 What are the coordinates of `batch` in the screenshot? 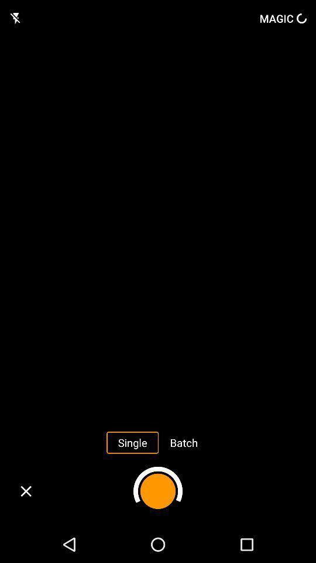 It's located at (184, 442).